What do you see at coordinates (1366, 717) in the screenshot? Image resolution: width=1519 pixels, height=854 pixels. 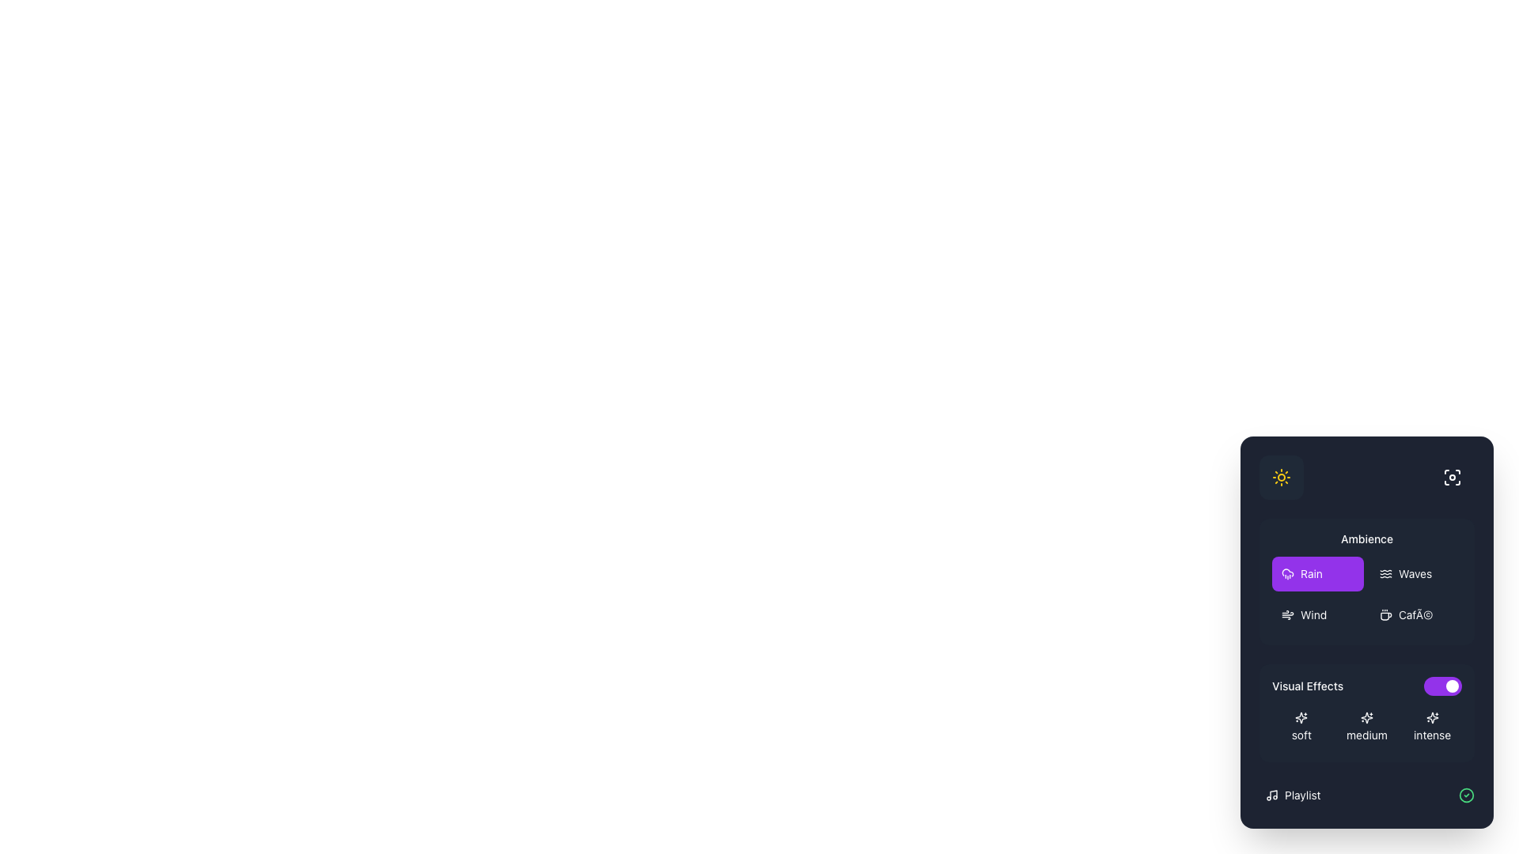 I see `the star-like Selectable option icon, which represents the 'medium' setting under the 'Visual Effects' section` at bounding box center [1366, 717].